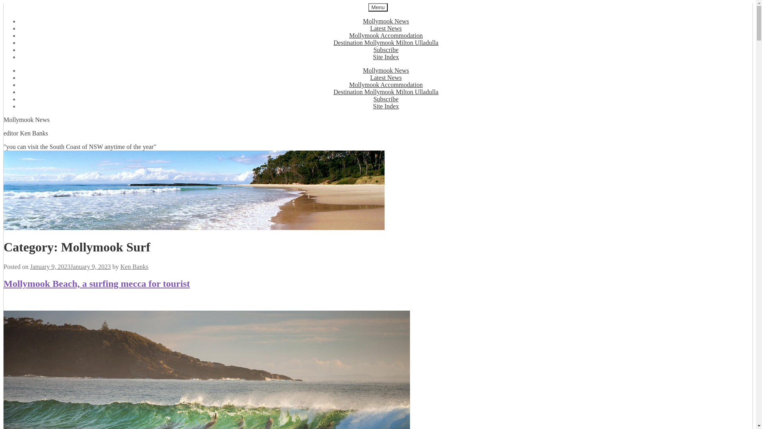 The height and width of the screenshot is (429, 762). Describe the element at coordinates (386, 35) in the screenshot. I see `'Mollymook Accommodation'` at that location.